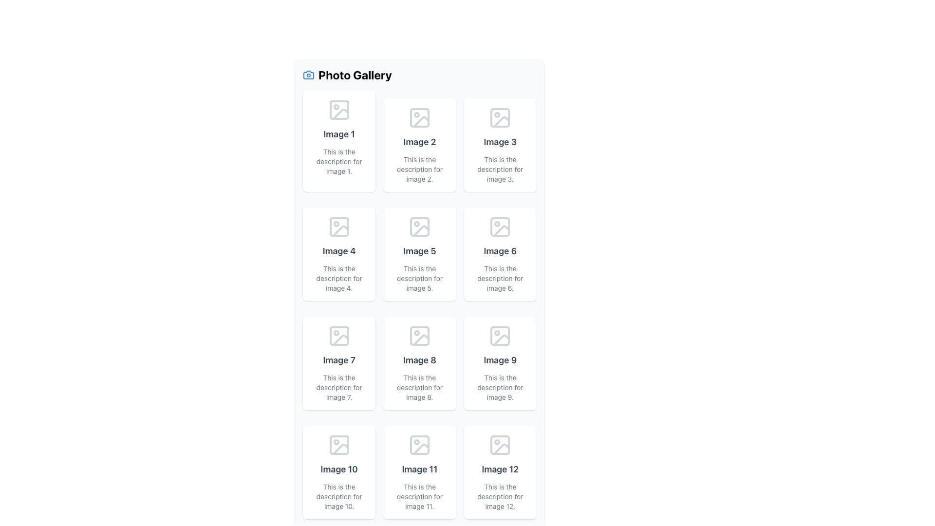 The height and width of the screenshot is (526, 935). Describe the element at coordinates (419, 445) in the screenshot. I see `the gray image placeholder icon with rounded corners, located in the third column of the fourth row beneath 'Image 11' and above its description` at that location.